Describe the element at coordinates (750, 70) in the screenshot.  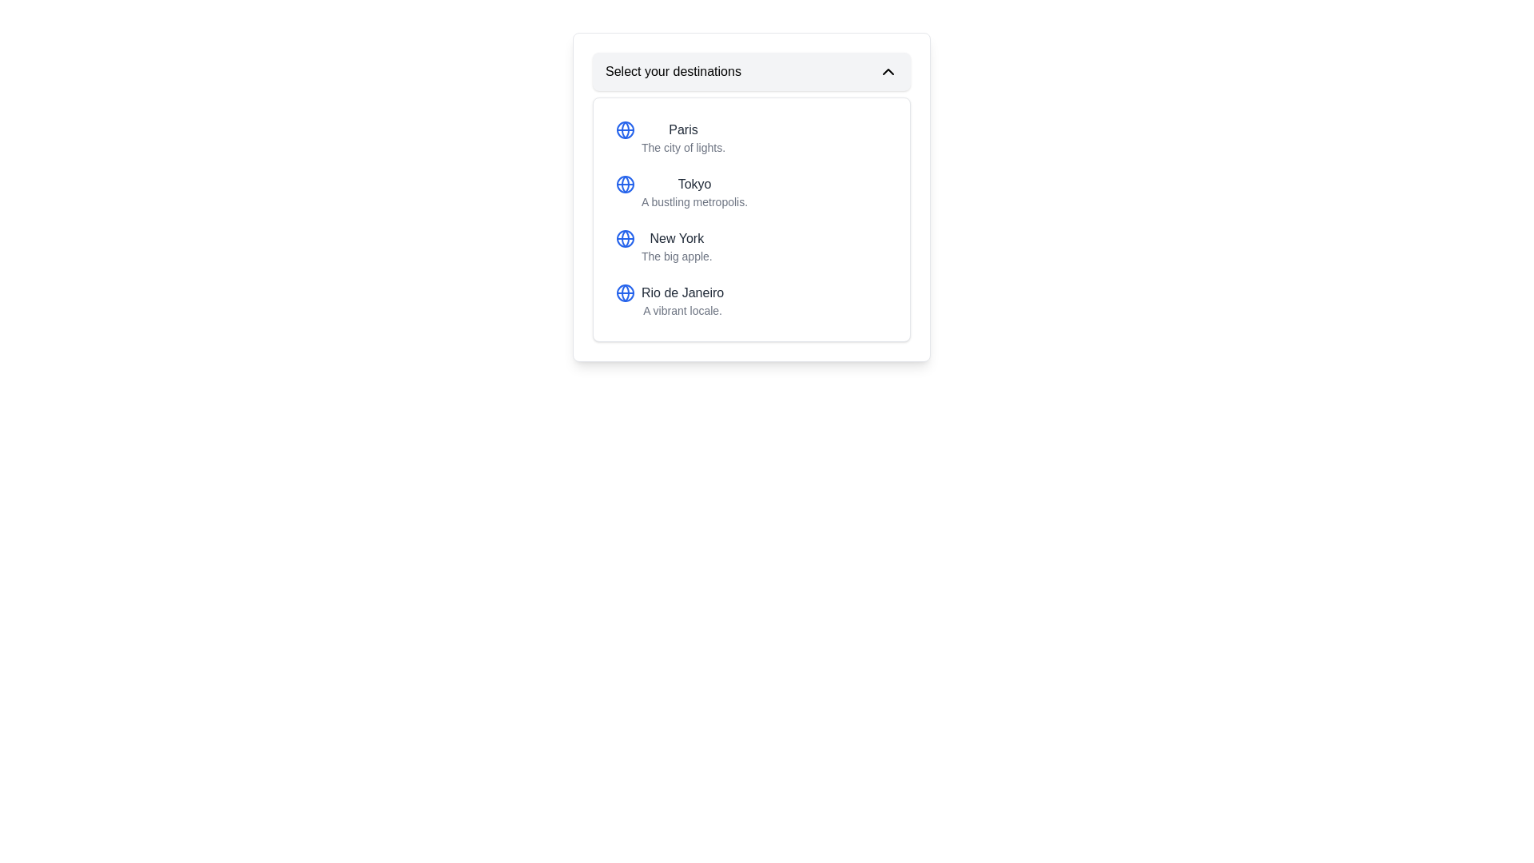
I see `the Dropdown header labeled 'Select your destinations' for keyboard interaction` at that location.